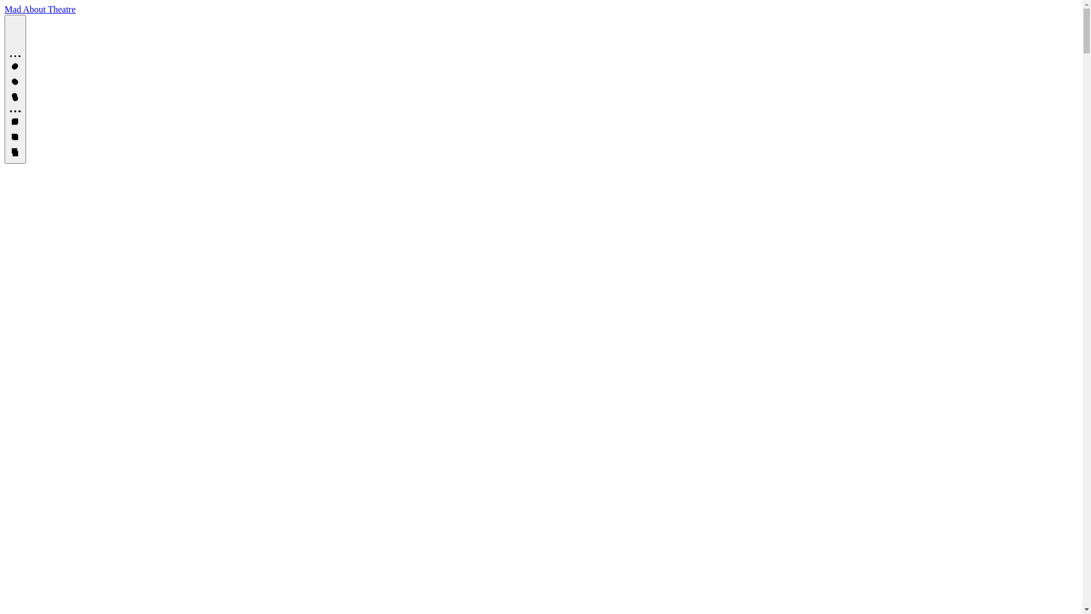 This screenshot has height=614, width=1091. Describe the element at coordinates (5, 9) in the screenshot. I see `'Mad About Theatre'` at that location.